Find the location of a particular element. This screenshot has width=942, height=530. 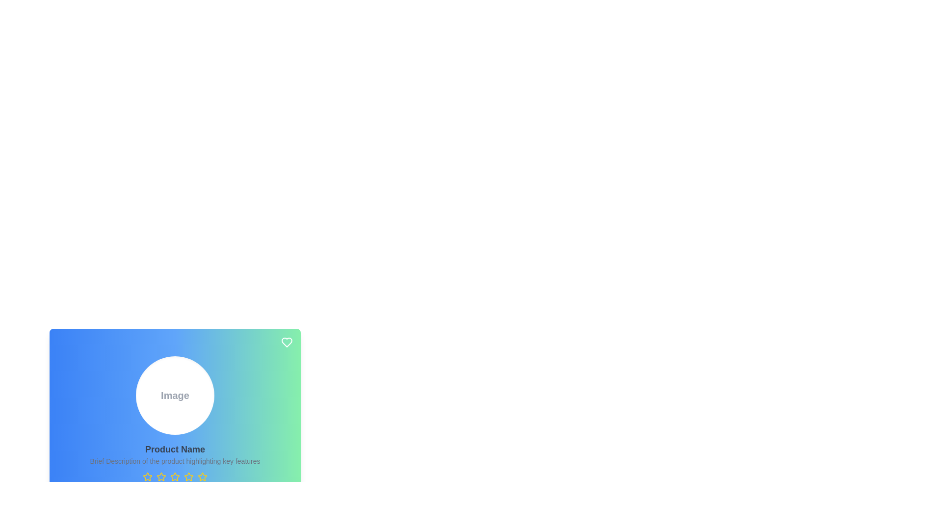

the first yellow outlined star SVG icon located at the bottom of the product card is located at coordinates (147, 477).